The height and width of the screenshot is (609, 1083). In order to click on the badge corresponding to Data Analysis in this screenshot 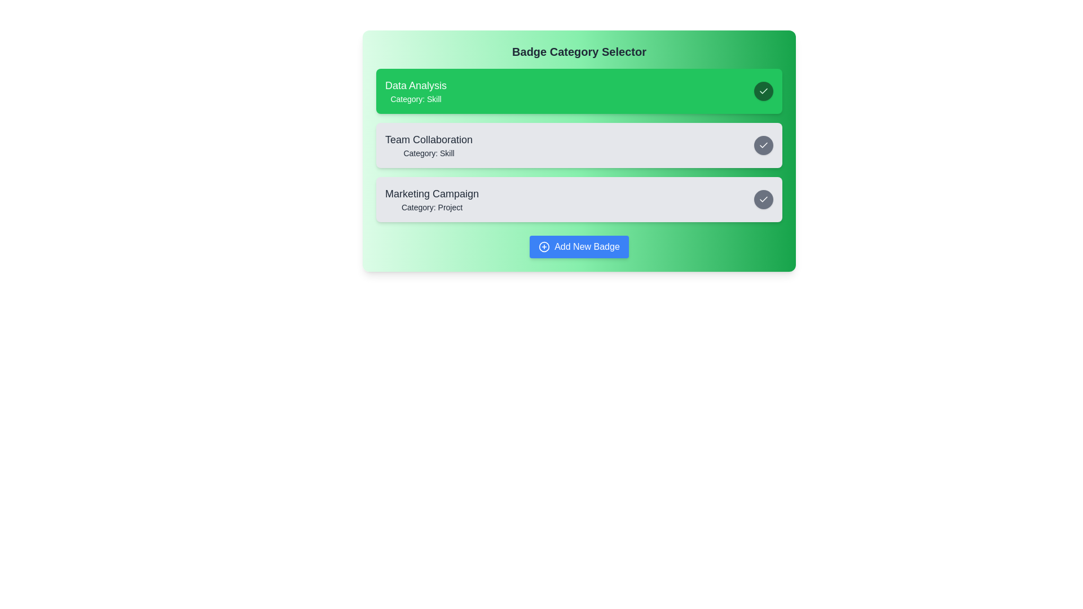, I will do `click(579, 91)`.